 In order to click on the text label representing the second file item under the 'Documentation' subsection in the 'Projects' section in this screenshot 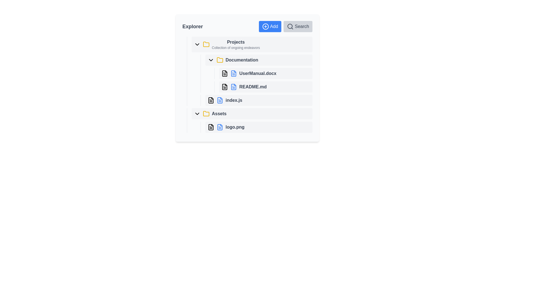, I will do `click(247, 85)`.